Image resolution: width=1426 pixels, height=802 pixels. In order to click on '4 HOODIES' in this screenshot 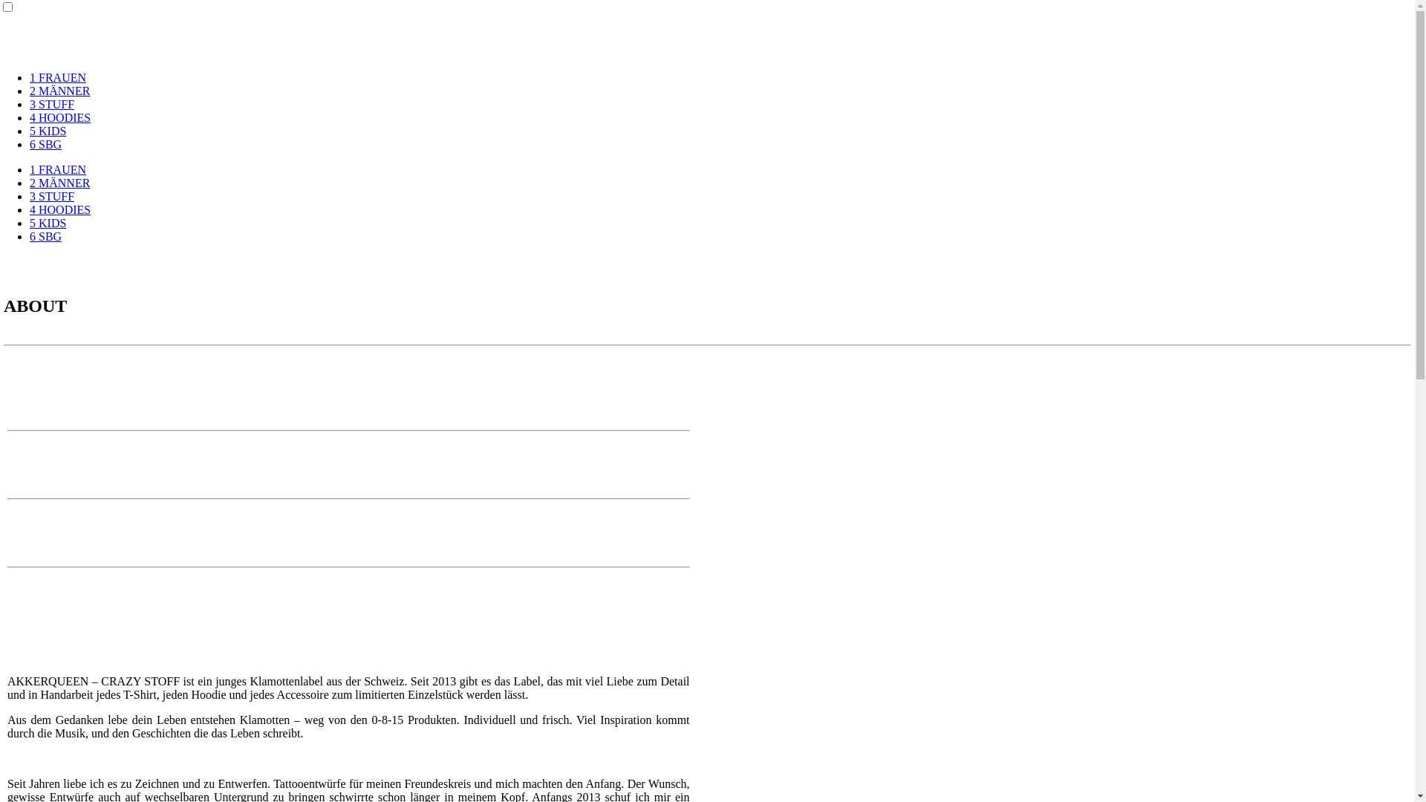, I will do `click(29, 117)`.